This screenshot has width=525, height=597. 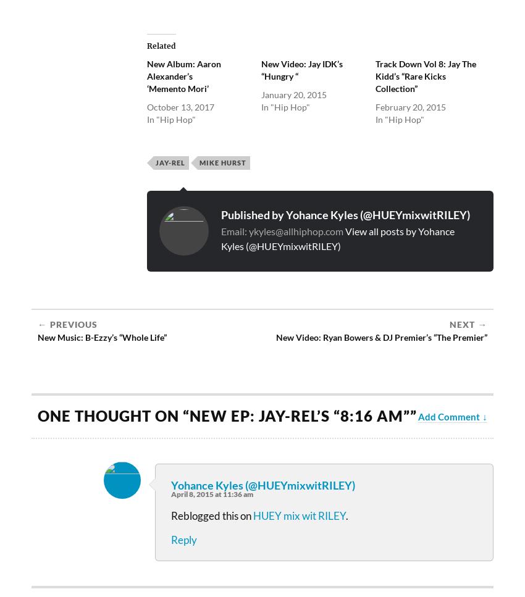 I want to click on 'Jay-Rel', so click(x=169, y=162).